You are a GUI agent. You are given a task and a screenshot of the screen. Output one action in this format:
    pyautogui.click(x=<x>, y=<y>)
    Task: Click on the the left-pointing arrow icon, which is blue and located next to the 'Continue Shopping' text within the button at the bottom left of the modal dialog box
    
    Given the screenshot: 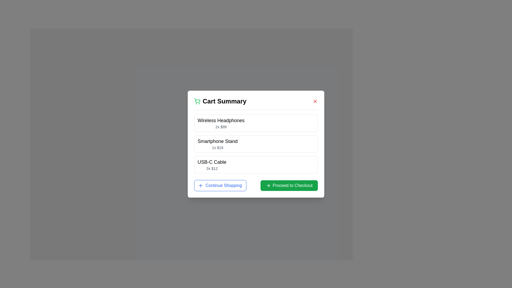 What is the action you would take?
    pyautogui.click(x=201, y=185)
    